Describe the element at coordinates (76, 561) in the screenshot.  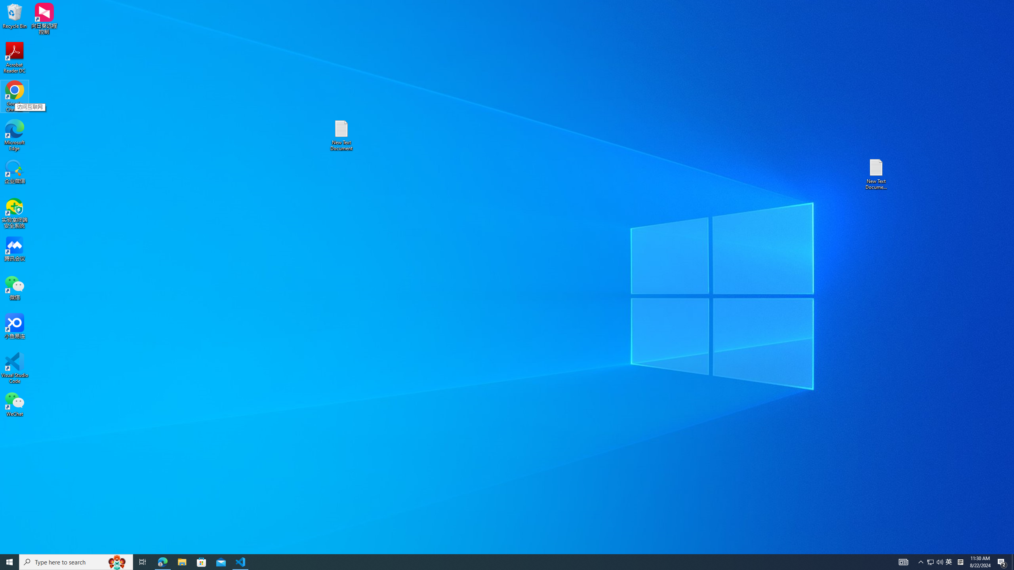
I see `'Type here to search'` at that location.